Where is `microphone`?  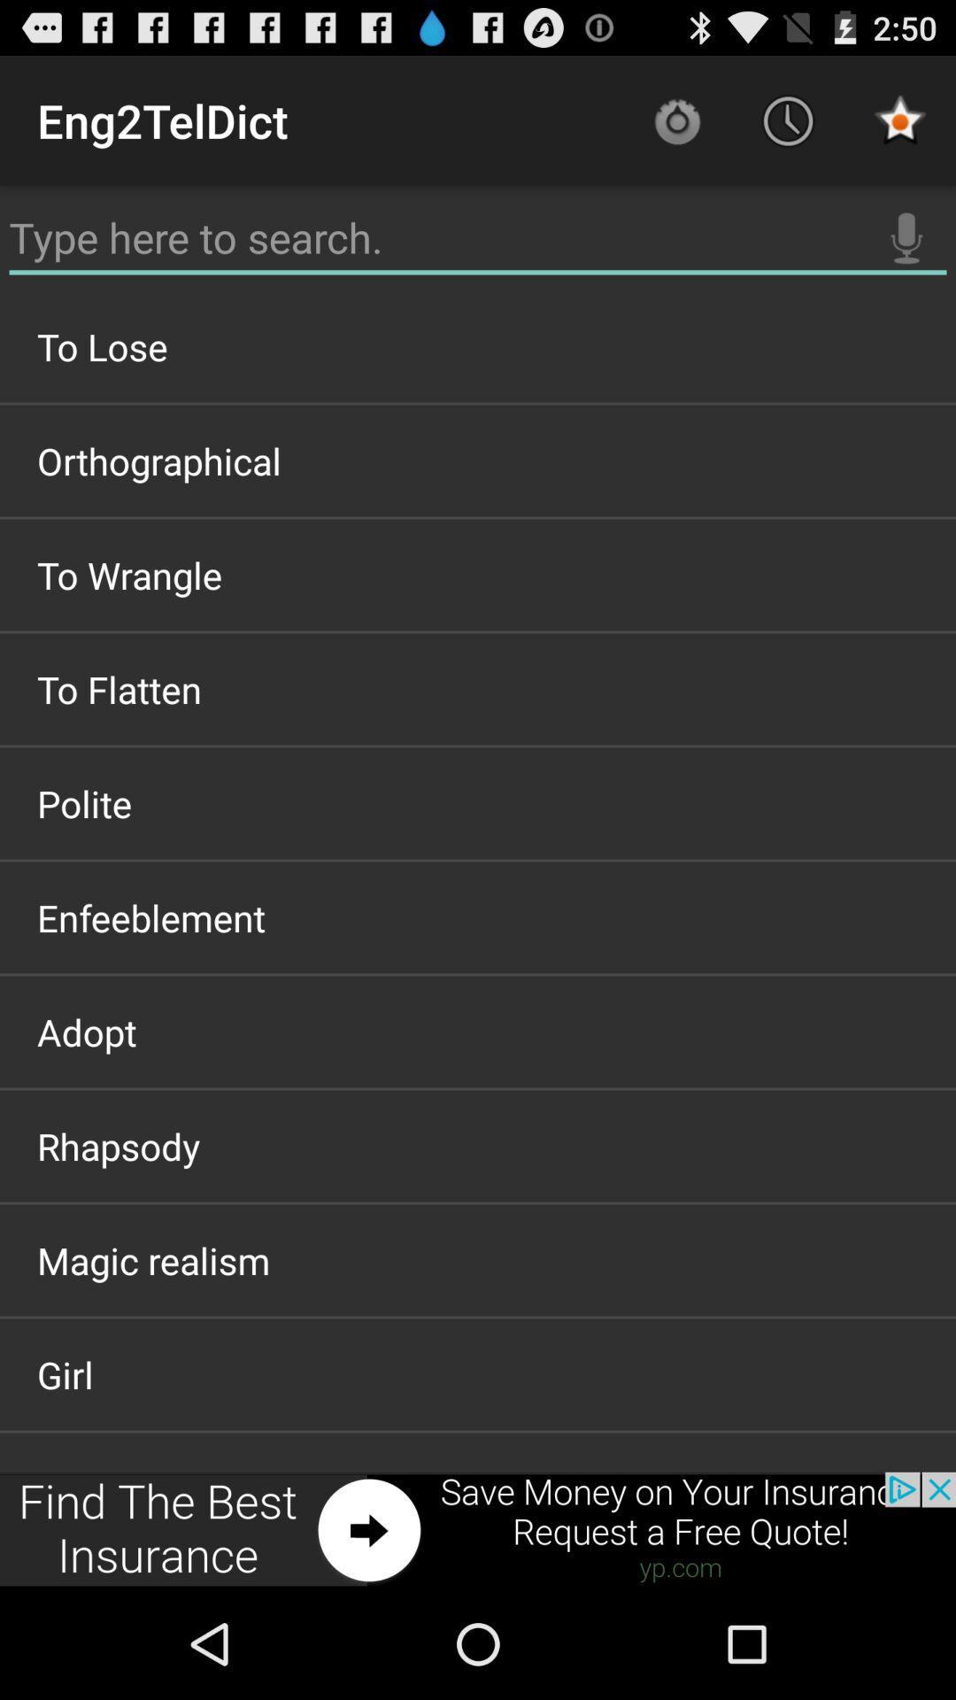
microphone is located at coordinates (906, 237).